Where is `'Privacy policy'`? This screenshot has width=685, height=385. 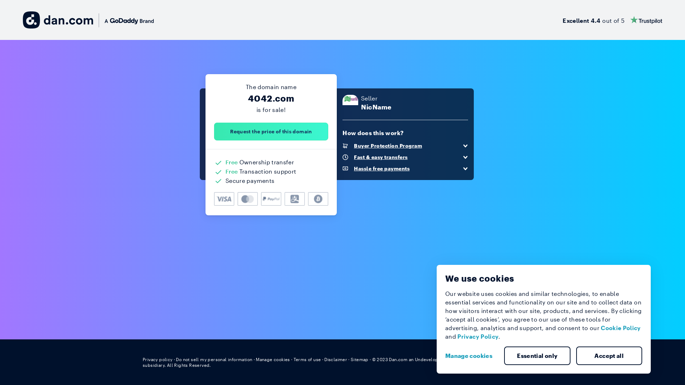 'Privacy policy' is located at coordinates (142, 359).